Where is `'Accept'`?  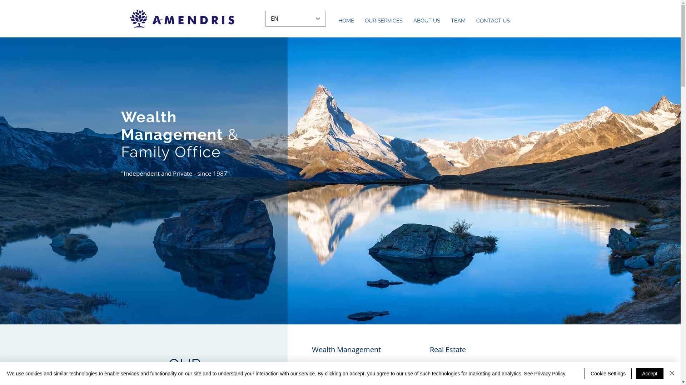
'Accept' is located at coordinates (636, 373).